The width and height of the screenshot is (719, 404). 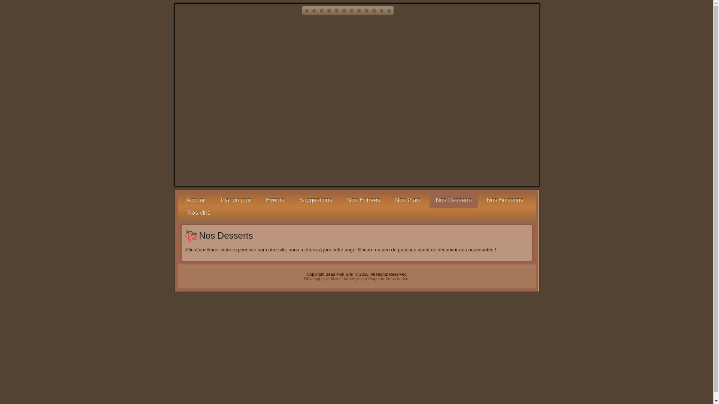 What do you see at coordinates (316, 200) in the screenshot?
I see `'Suggestions'` at bounding box center [316, 200].